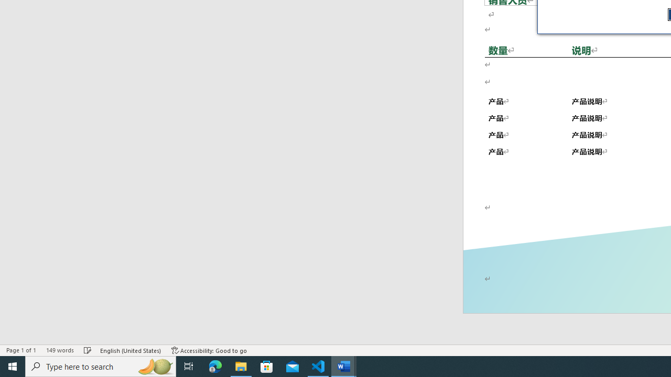  Describe the element at coordinates (267, 365) in the screenshot. I see `'Microsoft Store'` at that location.